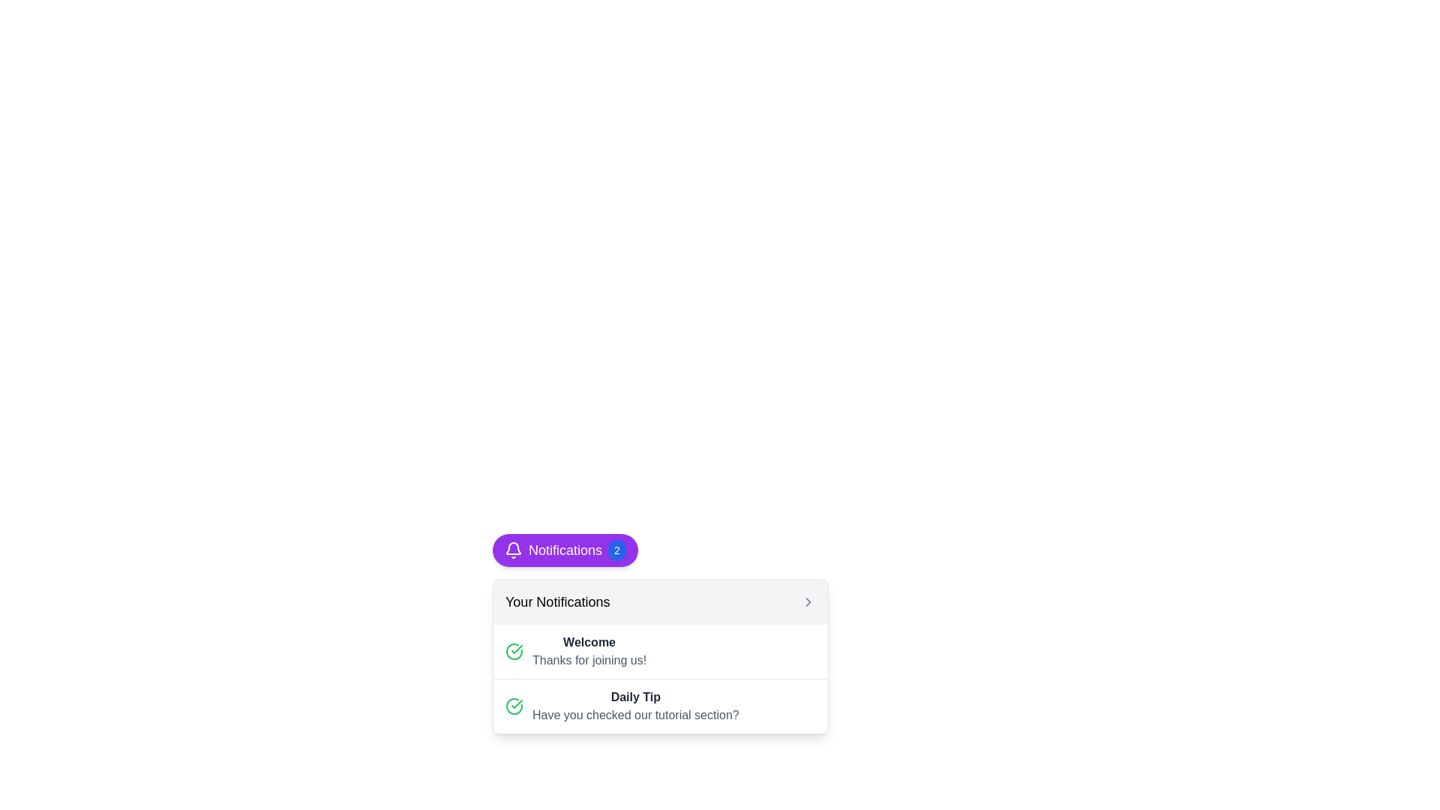  Describe the element at coordinates (808, 601) in the screenshot. I see `the chevron arrow located at the top-right edge of the notification card` at that location.